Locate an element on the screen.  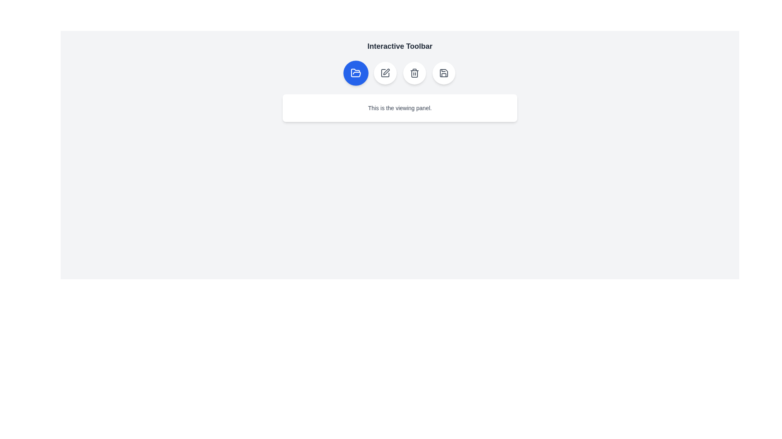
the circular button with a white background and a save icon resembling a floppy disk, which is the fourth button in a horizontal toolbar is located at coordinates (443, 73).